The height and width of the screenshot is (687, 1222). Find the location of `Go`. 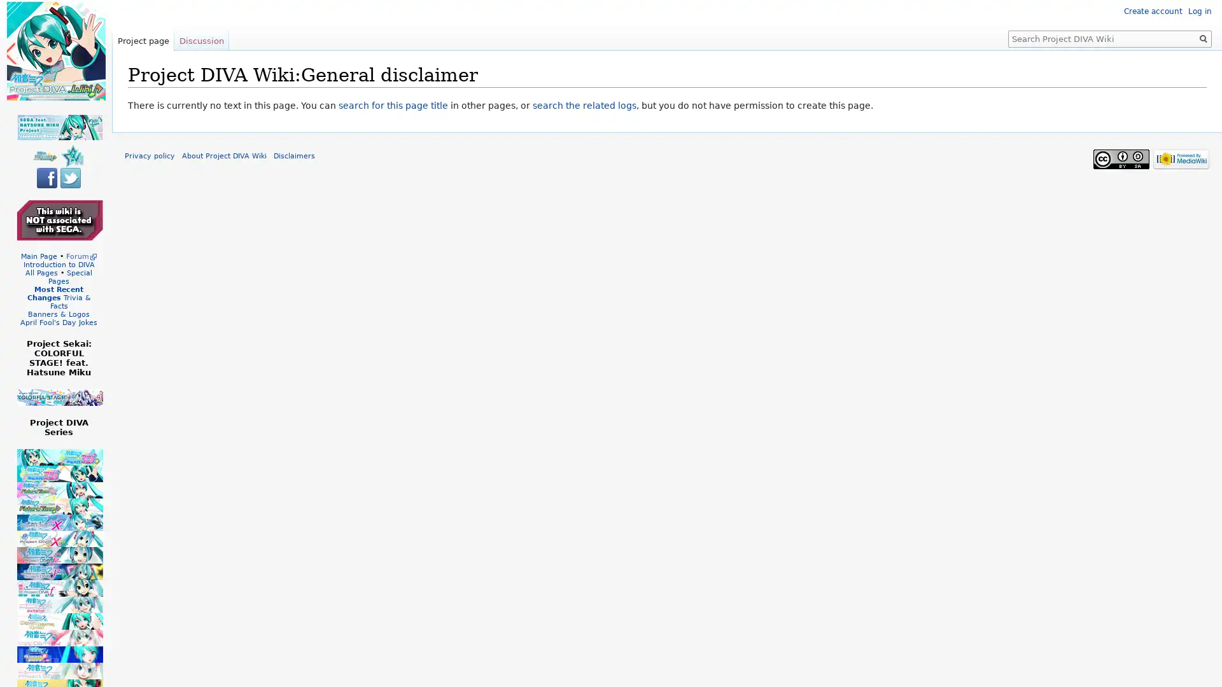

Go is located at coordinates (1203, 38).